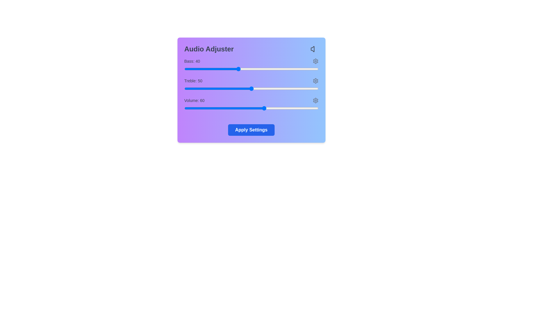 This screenshot has width=555, height=312. What do you see at coordinates (314, 66) in the screenshot?
I see `bass` at bounding box center [314, 66].